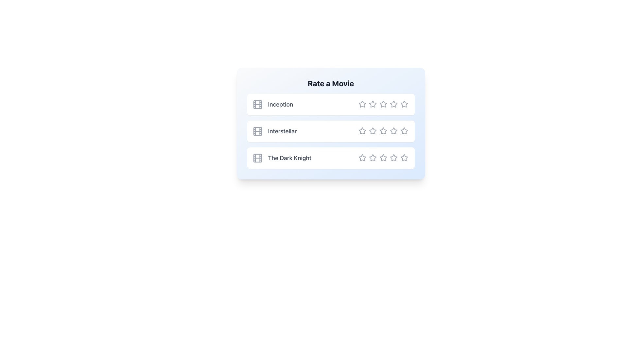 The width and height of the screenshot is (628, 353). What do you see at coordinates (383, 158) in the screenshot?
I see `the third star icon in the rating component to rate the movie 'The Dark Knight'` at bounding box center [383, 158].